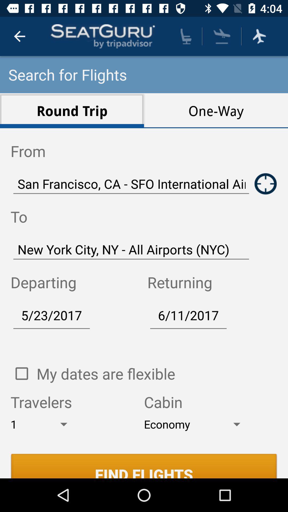 This screenshot has height=512, width=288. I want to click on the icon above travelers, so click(106, 373).